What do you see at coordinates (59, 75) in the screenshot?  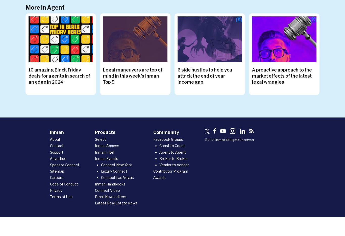 I see `'10 amazing Black Friday deals for agents in search of an edge in 2024'` at bounding box center [59, 75].